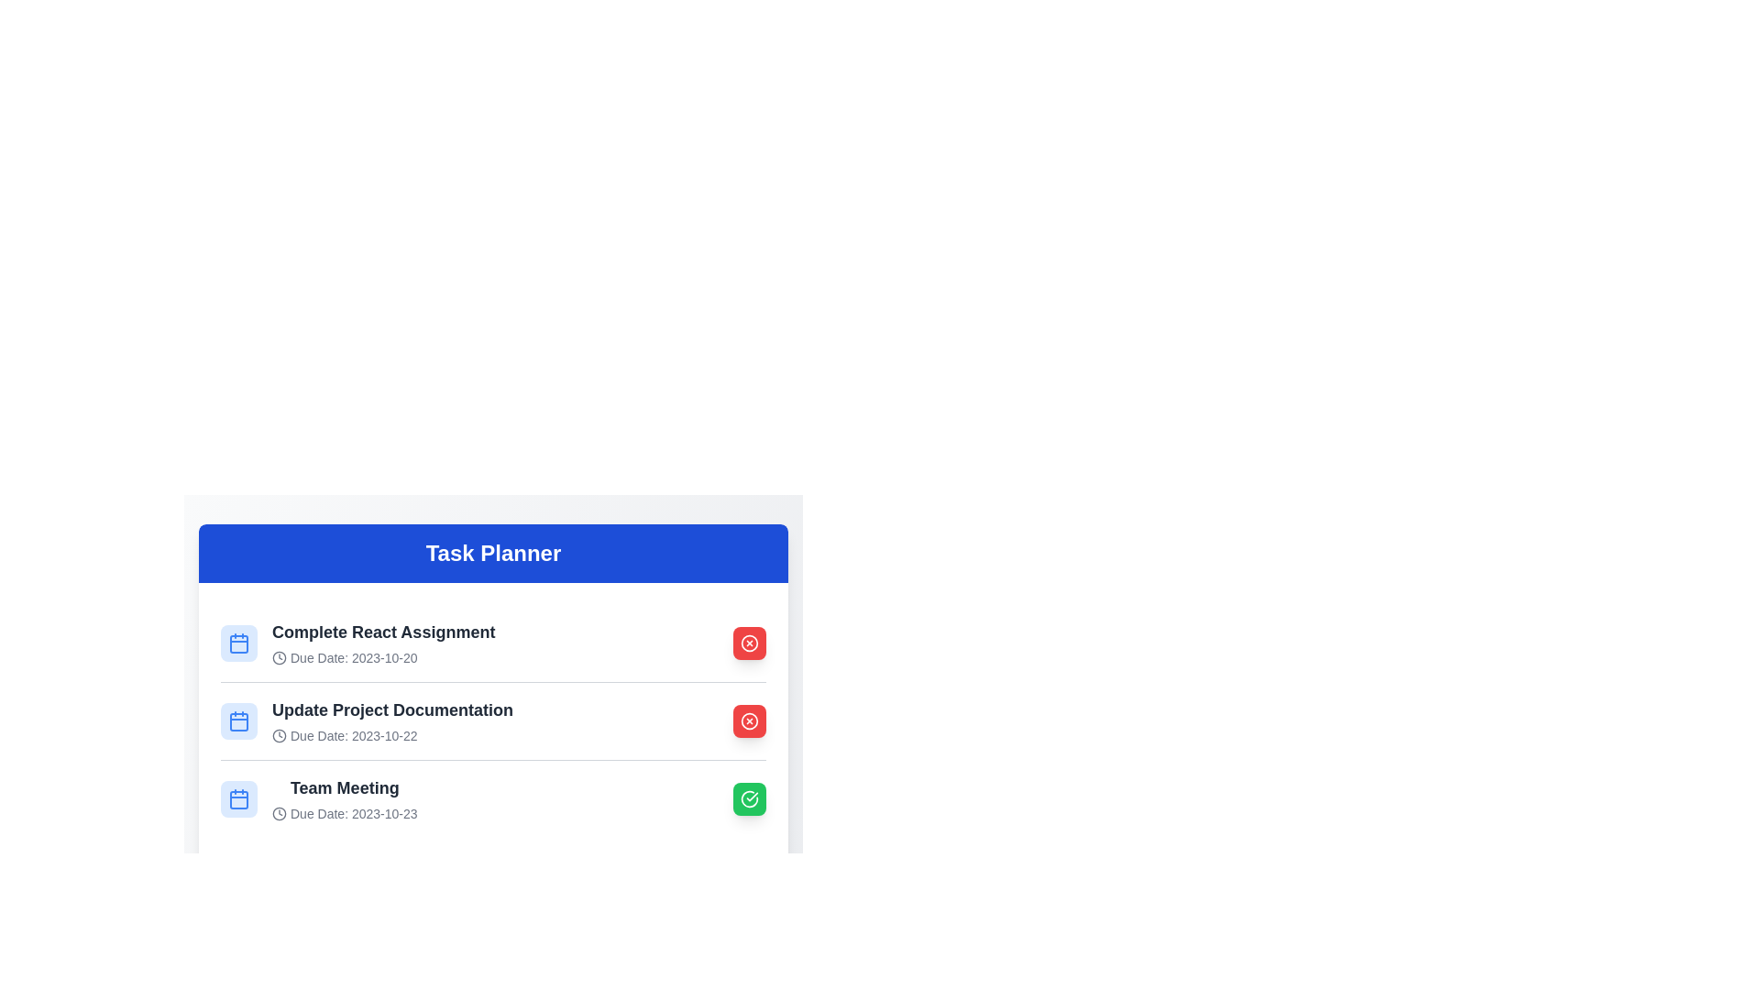  What do you see at coordinates (319, 797) in the screenshot?
I see `the third task item in the Task Planner section, which displays an individual task along with its due date, located below 'Complete React Assignment' and 'Update Project Documentation'` at bounding box center [319, 797].